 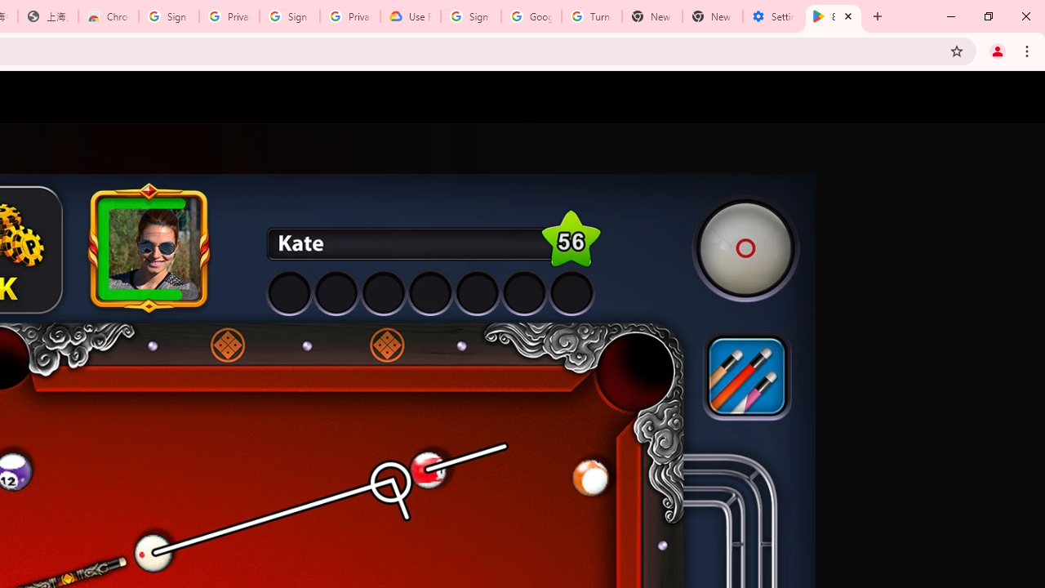 What do you see at coordinates (590, 16) in the screenshot?
I see `'Turn cookies on or off - Computer - Google Account Help'` at bounding box center [590, 16].